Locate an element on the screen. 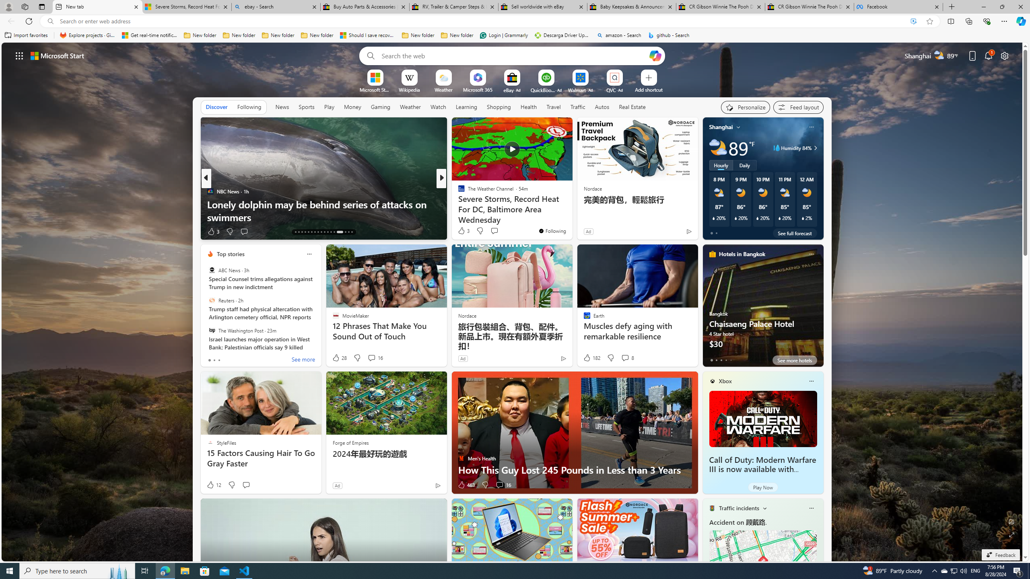 This screenshot has height=579, width=1030. 'AutomationID: tab-16' is located at coordinates (305, 232).